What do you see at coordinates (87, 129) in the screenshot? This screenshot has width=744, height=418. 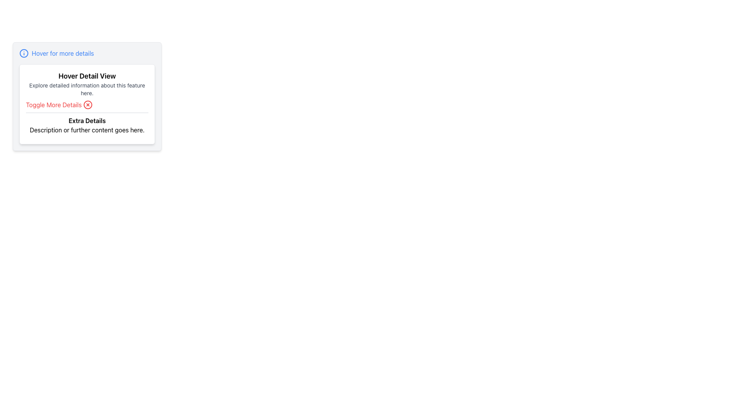 I see `the text element that reads 'Description or further content goes here.' which is located beneath the bold heading 'Extra Details' within the bordered section titled 'Hover Detail View'` at bounding box center [87, 129].